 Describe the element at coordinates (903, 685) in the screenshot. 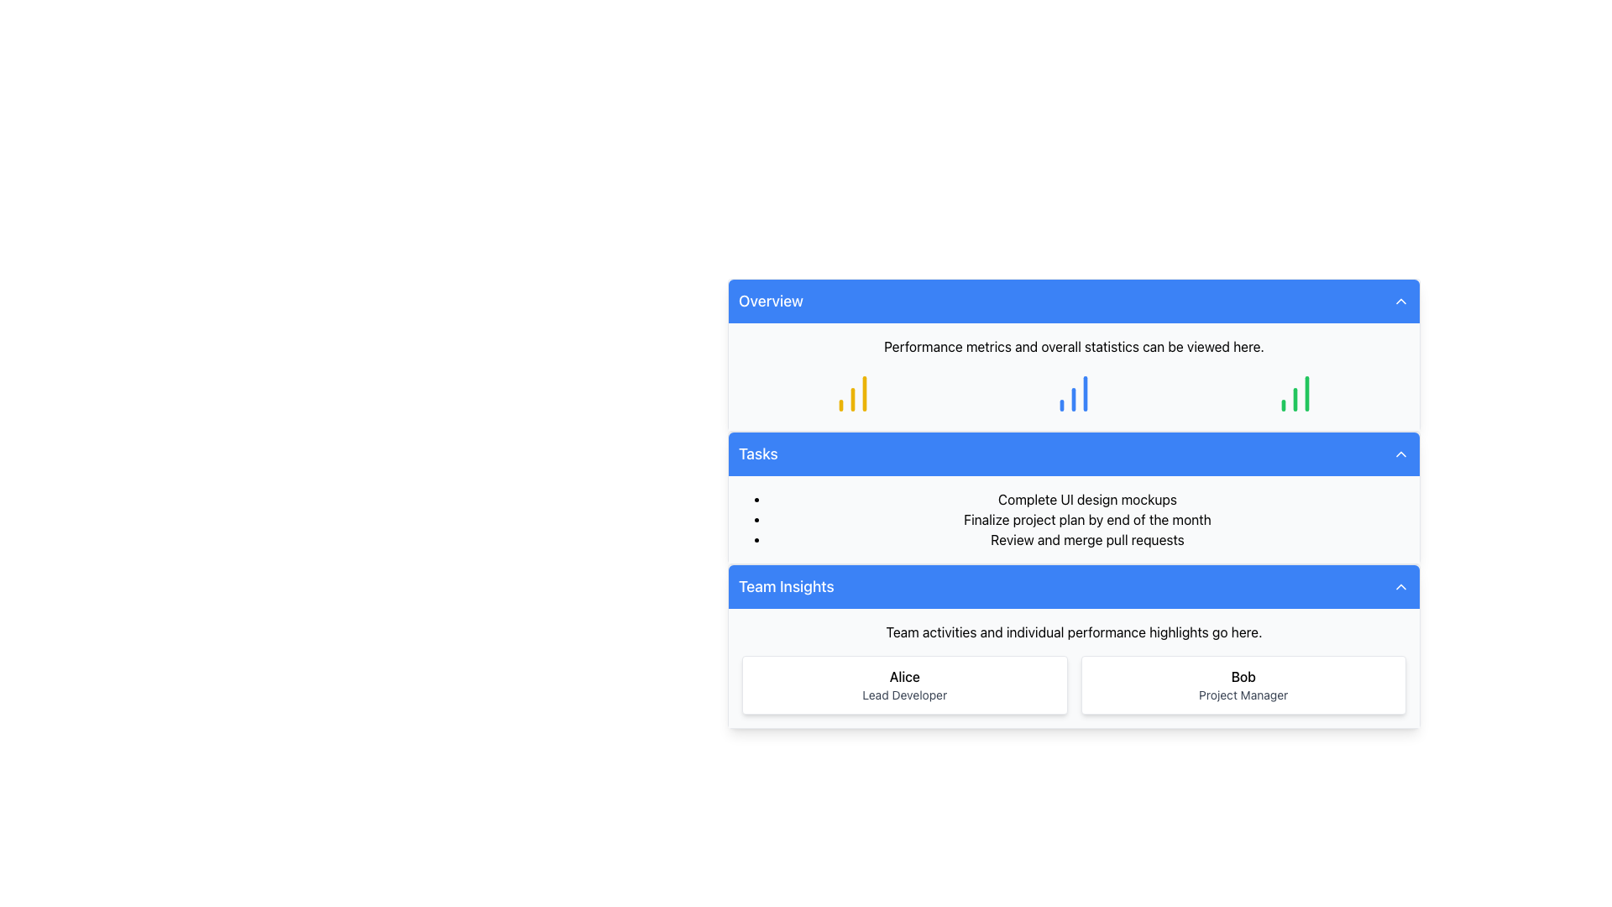

I see `displayed information on the first Card Component in the 'Team Insights' section, which shows details about a team member's name and role` at that location.